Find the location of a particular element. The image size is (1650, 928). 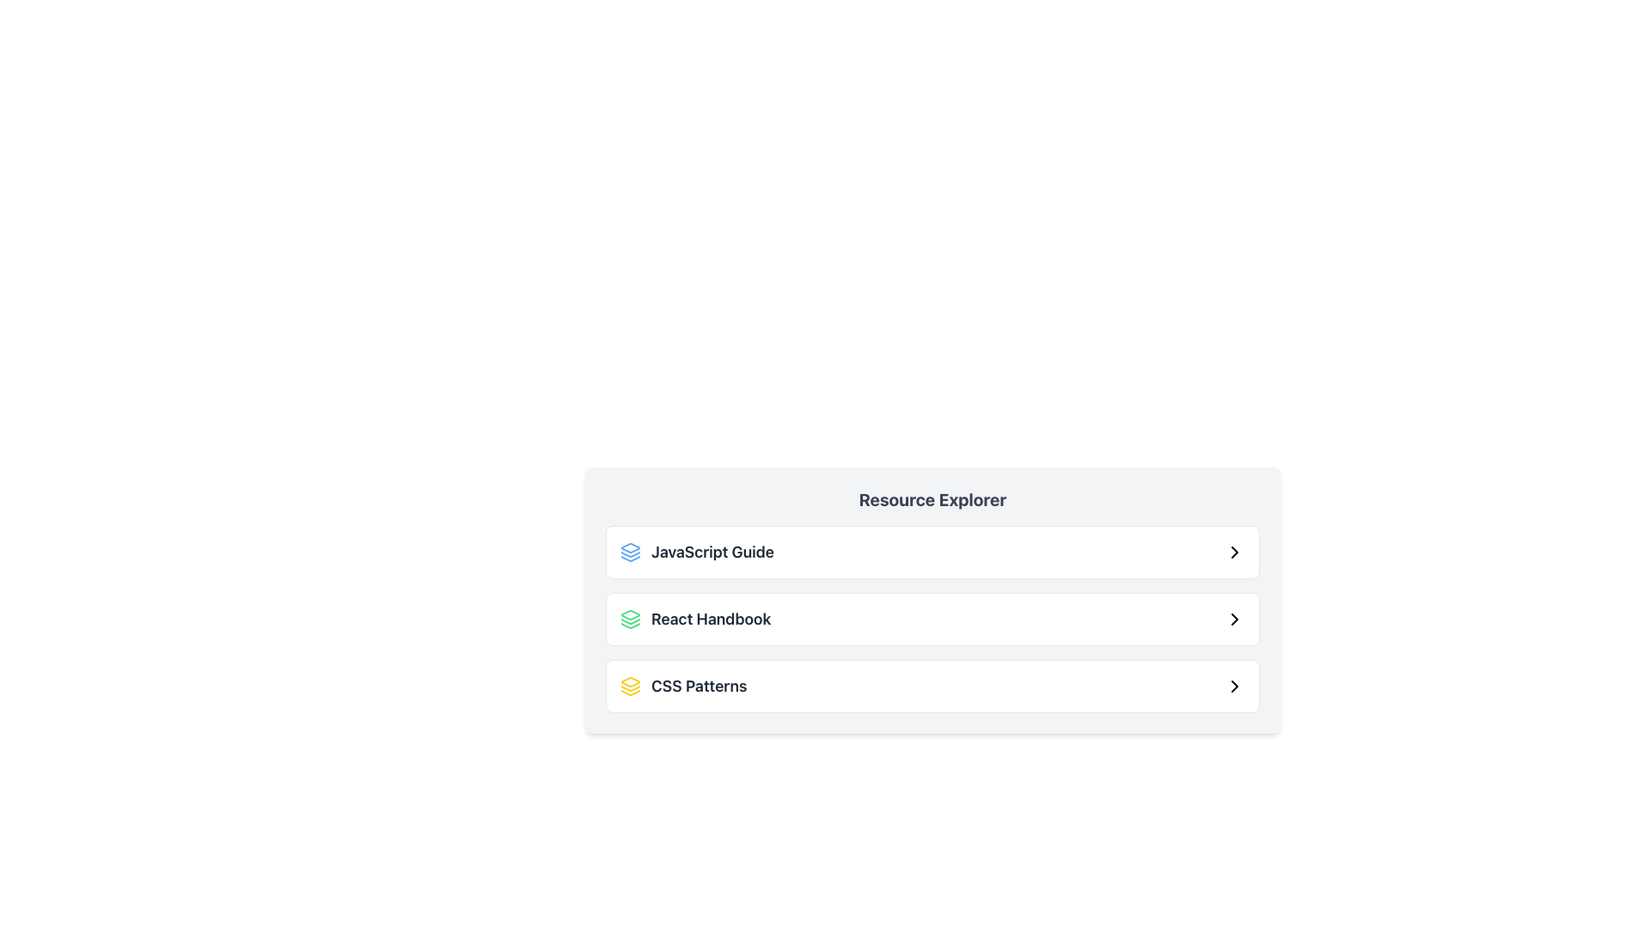

the first list item named 'JavaScript Guide' in the 'Resource Explorer' section is located at coordinates (932, 553).